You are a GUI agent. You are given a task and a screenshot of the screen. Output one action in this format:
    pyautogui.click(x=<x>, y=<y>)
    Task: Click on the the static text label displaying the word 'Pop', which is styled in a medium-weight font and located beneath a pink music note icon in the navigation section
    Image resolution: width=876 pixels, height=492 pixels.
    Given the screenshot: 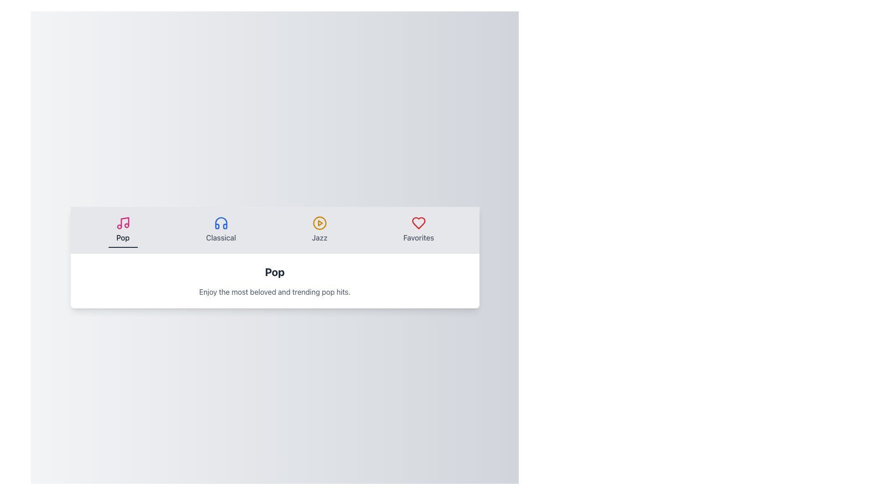 What is the action you would take?
    pyautogui.click(x=122, y=237)
    